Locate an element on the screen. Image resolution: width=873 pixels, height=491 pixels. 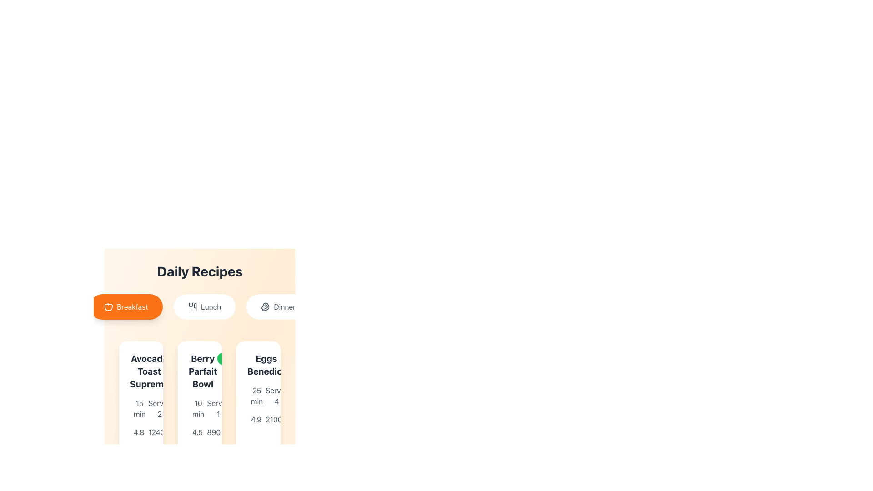
the static text label displaying the numerical value '4.5', which is bold and dark-gray, located below a star-shaped icon in the rating section is located at coordinates (197, 432).